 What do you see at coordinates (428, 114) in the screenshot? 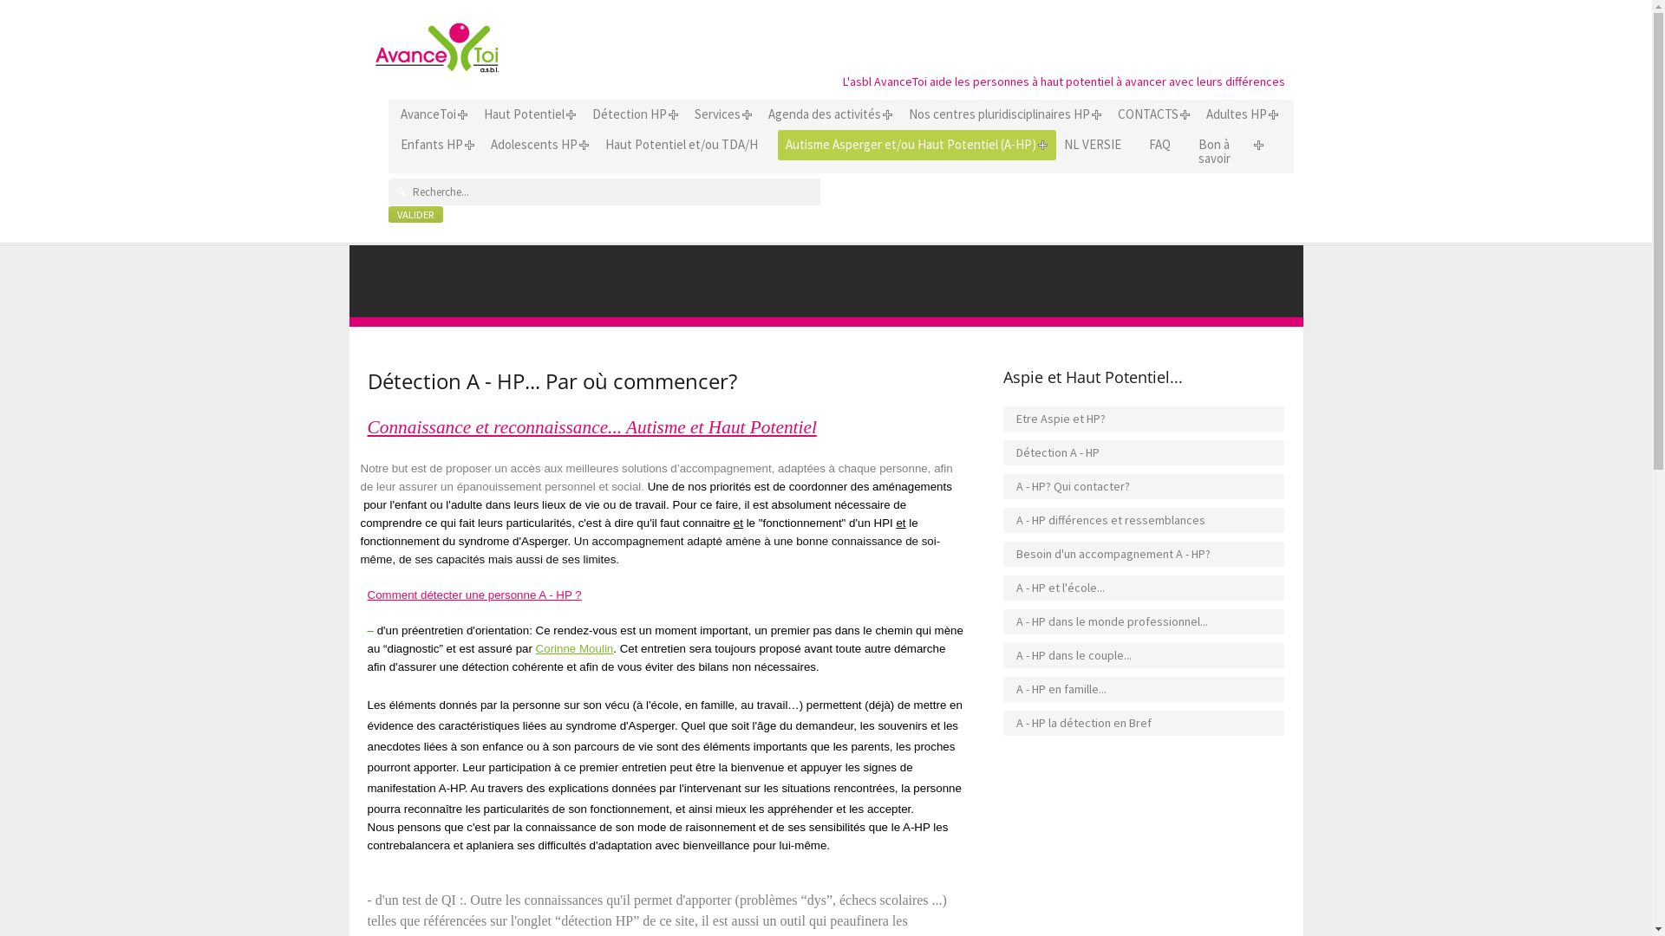
I see `'AvanceToi'` at bounding box center [428, 114].